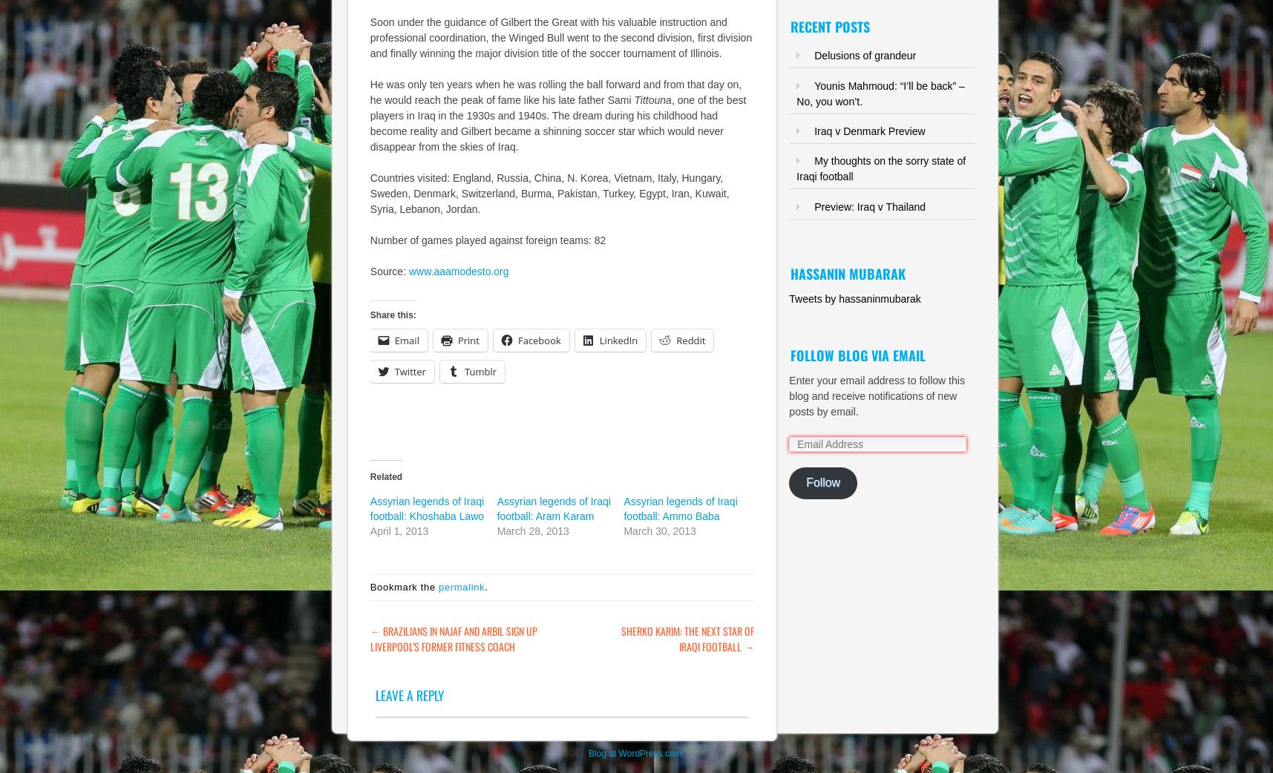 This screenshot has height=773, width=1273. Describe the element at coordinates (409, 371) in the screenshot. I see `'Twitter'` at that location.